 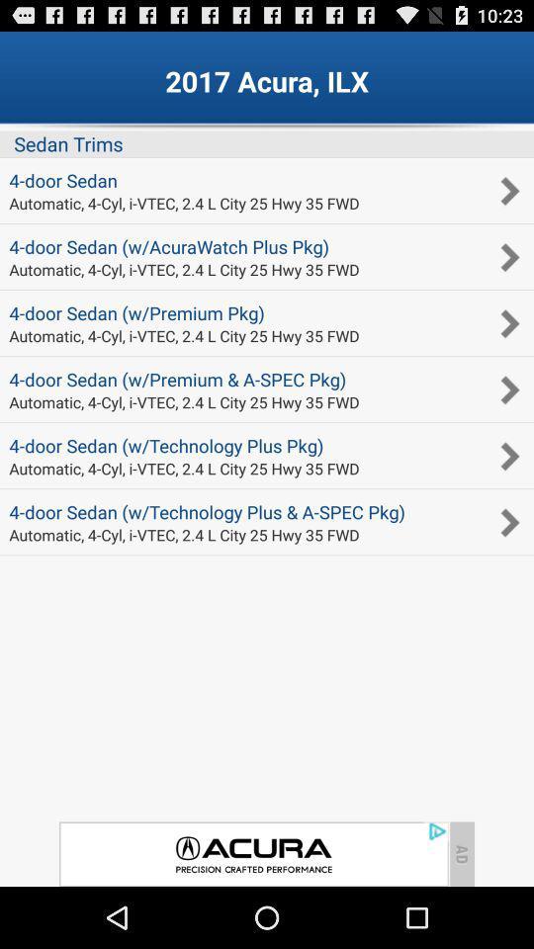 I want to click on pop up advertisement button, so click(x=253, y=853).